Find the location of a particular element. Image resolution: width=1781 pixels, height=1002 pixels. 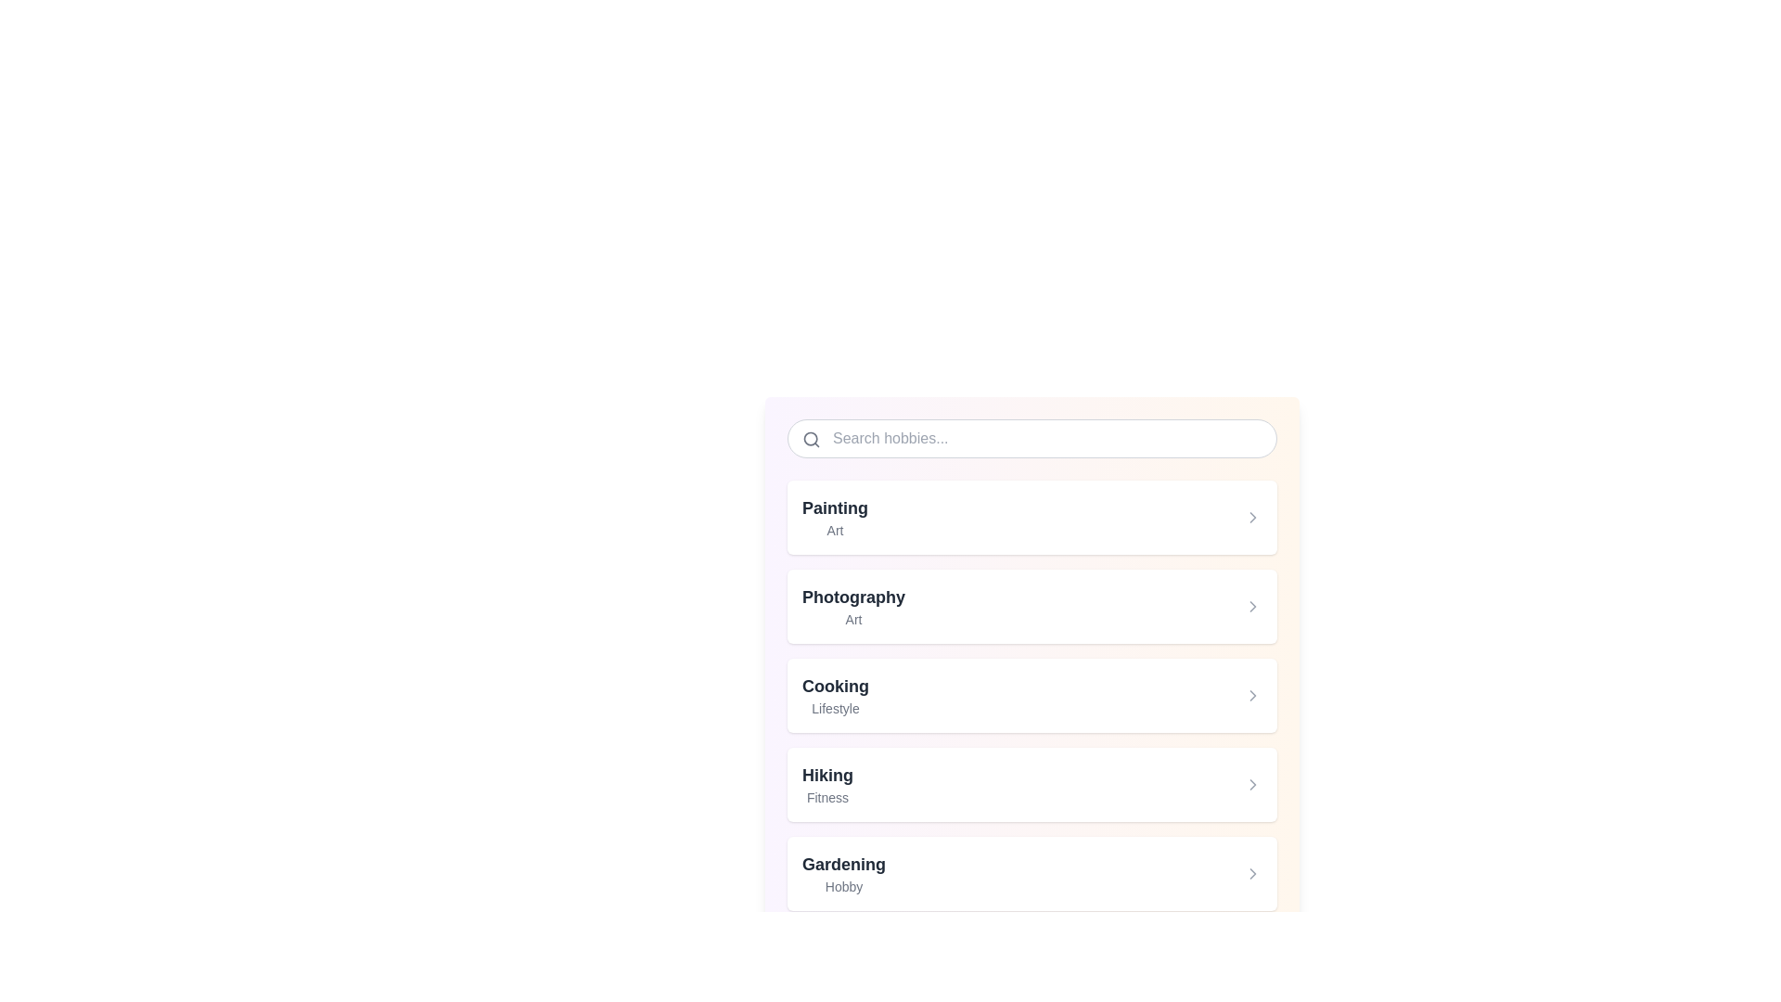

the 'Cooking' Text label, which is the third item in the list and contains two lines of text is located at coordinates (835, 695).